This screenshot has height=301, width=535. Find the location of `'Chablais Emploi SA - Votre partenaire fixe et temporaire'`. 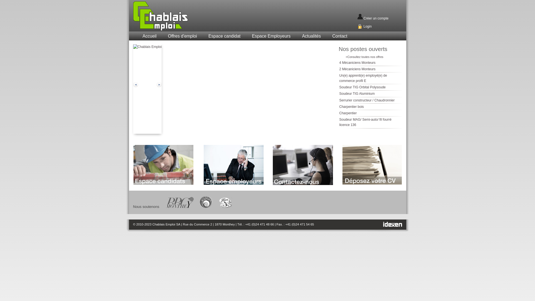

'Chablais Emploi SA - Votre partenaire fixe et temporaire' is located at coordinates (174, 16).